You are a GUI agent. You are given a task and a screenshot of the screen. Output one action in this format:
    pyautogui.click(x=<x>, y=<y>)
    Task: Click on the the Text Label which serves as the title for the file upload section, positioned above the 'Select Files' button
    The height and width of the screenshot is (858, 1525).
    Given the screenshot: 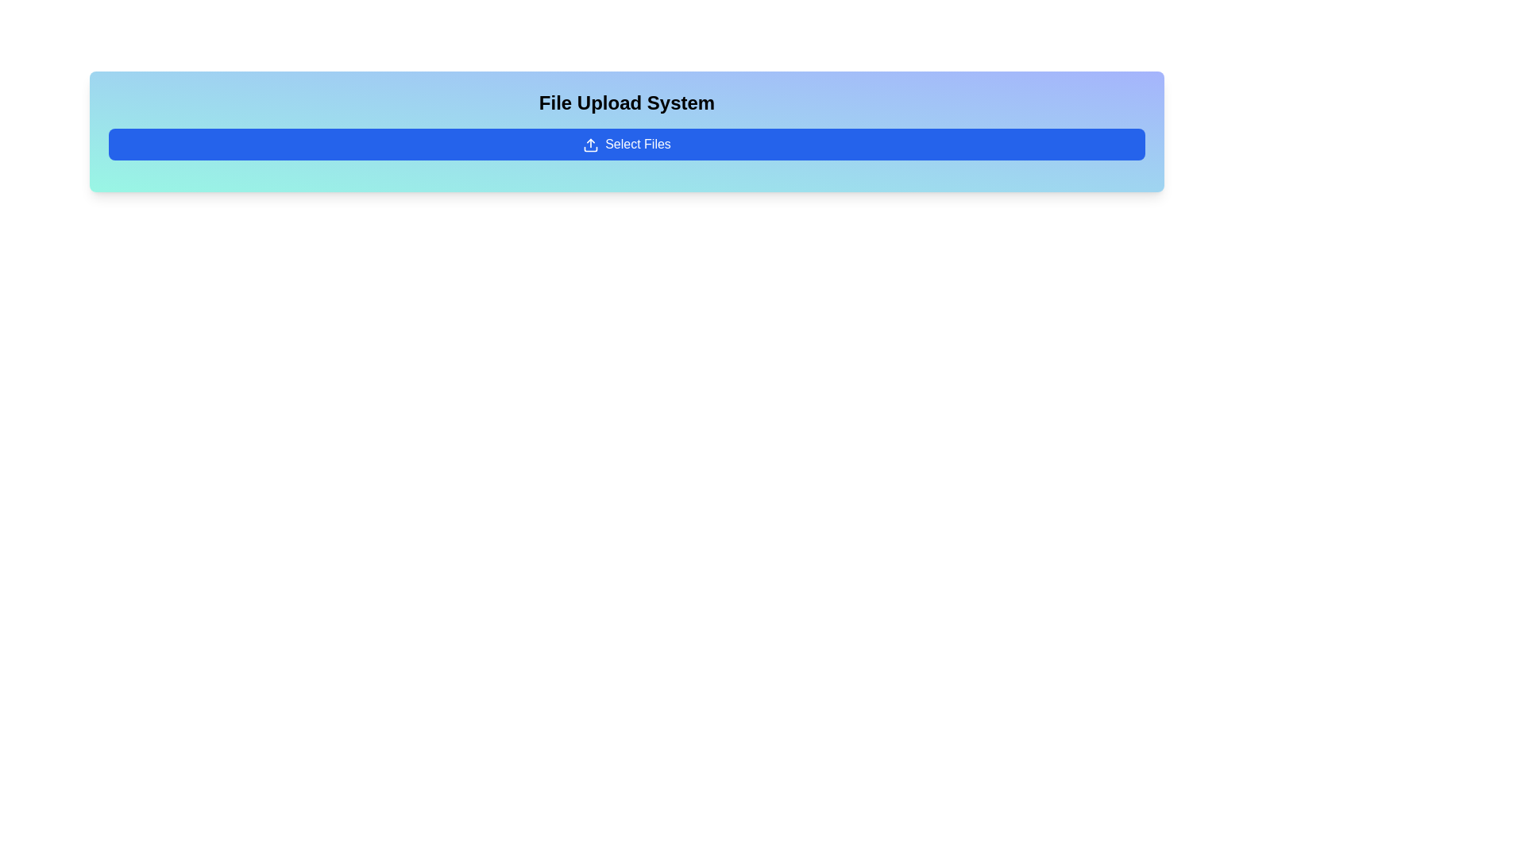 What is the action you would take?
    pyautogui.click(x=626, y=103)
    